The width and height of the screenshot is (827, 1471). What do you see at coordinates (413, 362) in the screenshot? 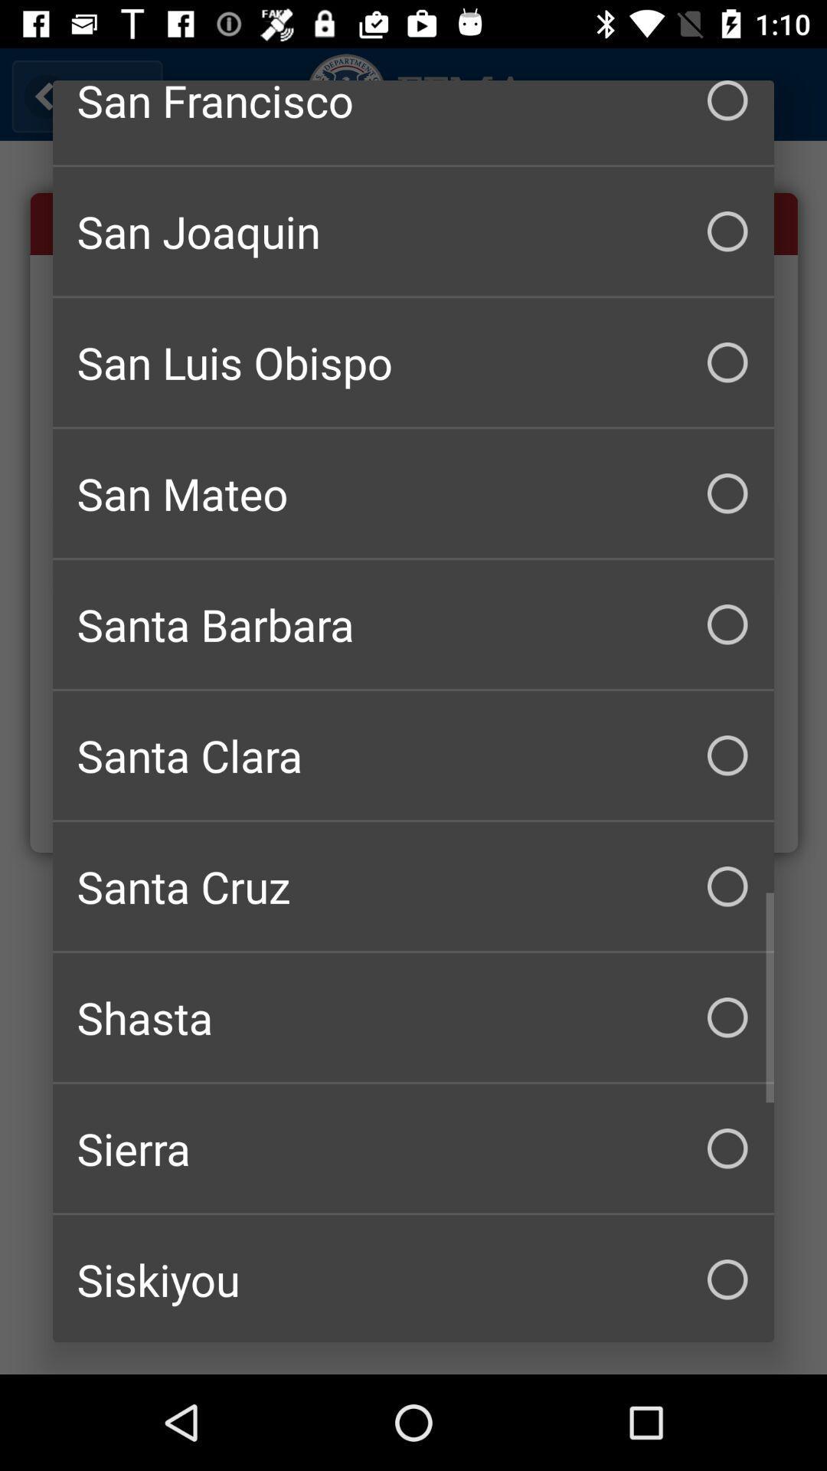
I see `checkbox below san joaquin item` at bounding box center [413, 362].